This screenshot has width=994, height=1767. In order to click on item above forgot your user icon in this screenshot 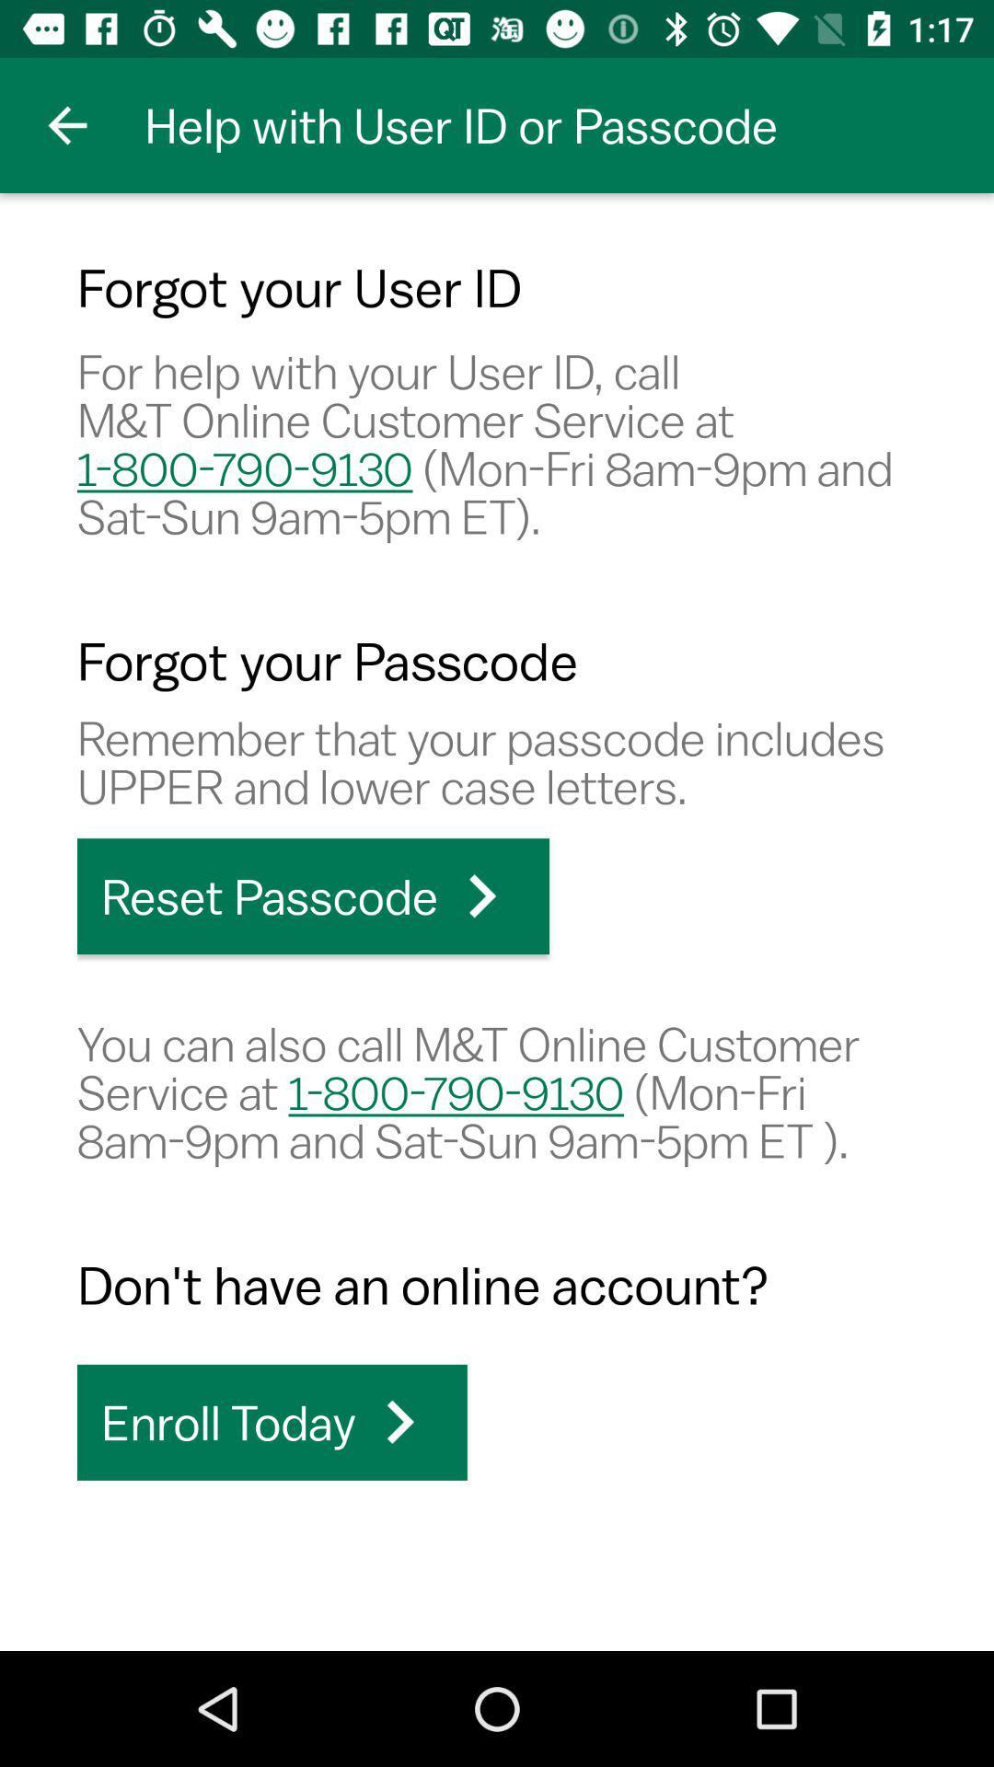, I will do `click(66, 124)`.